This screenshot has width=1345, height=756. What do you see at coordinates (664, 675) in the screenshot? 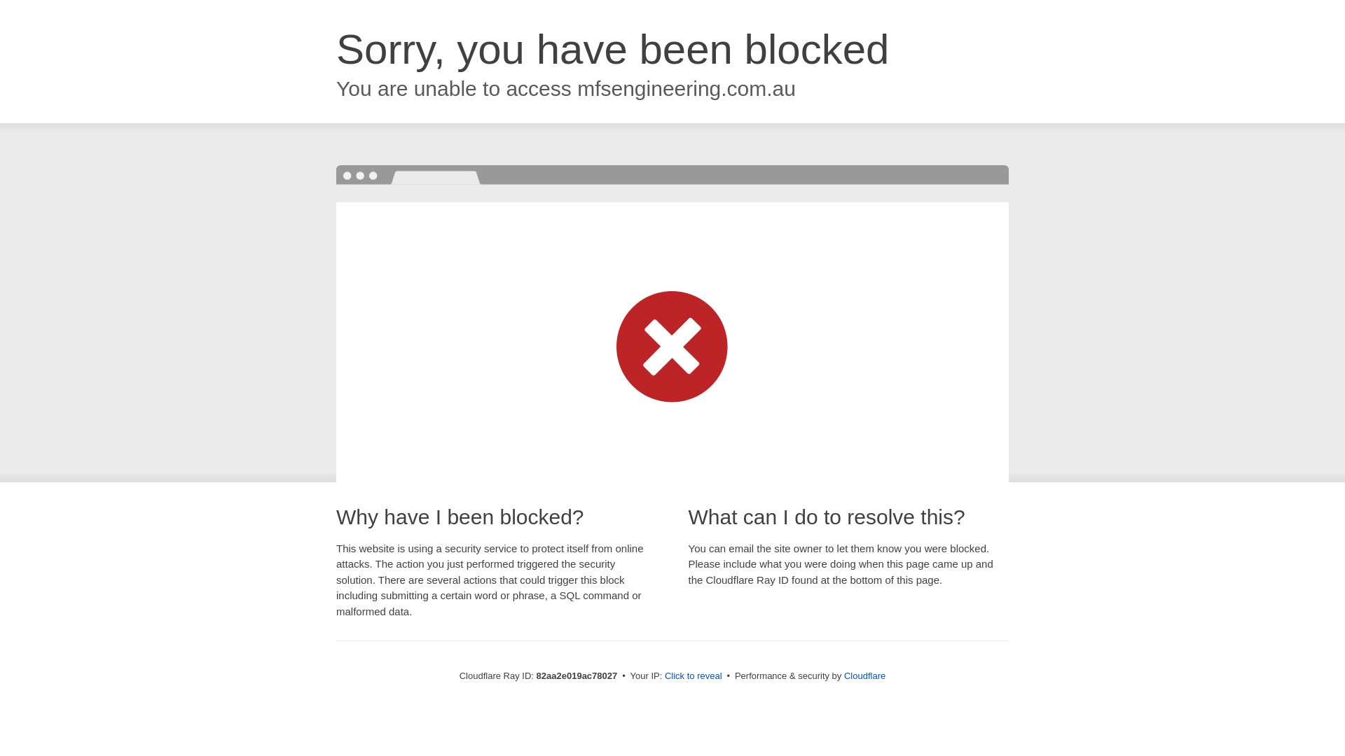
I see `'Click to reveal'` at bounding box center [664, 675].